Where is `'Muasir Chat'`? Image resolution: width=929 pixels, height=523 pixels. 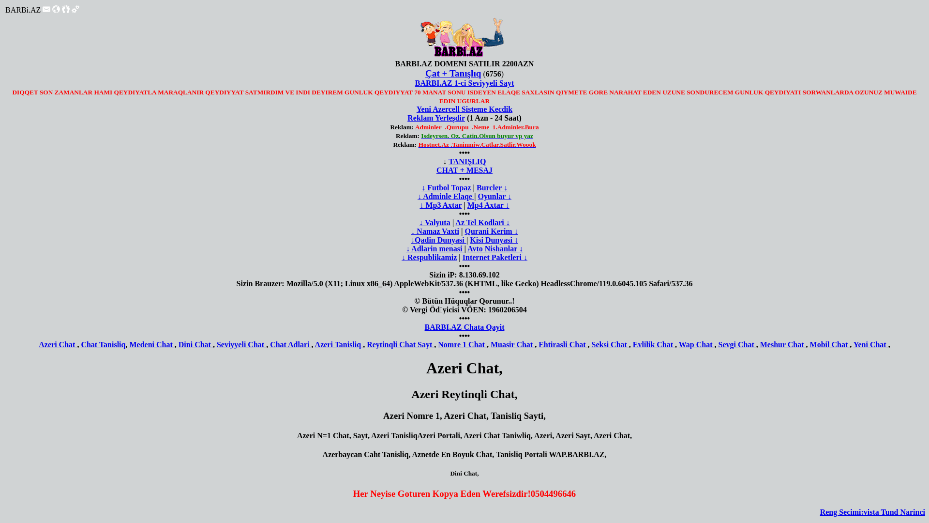
'Muasir Chat' is located at coordinates (490, 344).